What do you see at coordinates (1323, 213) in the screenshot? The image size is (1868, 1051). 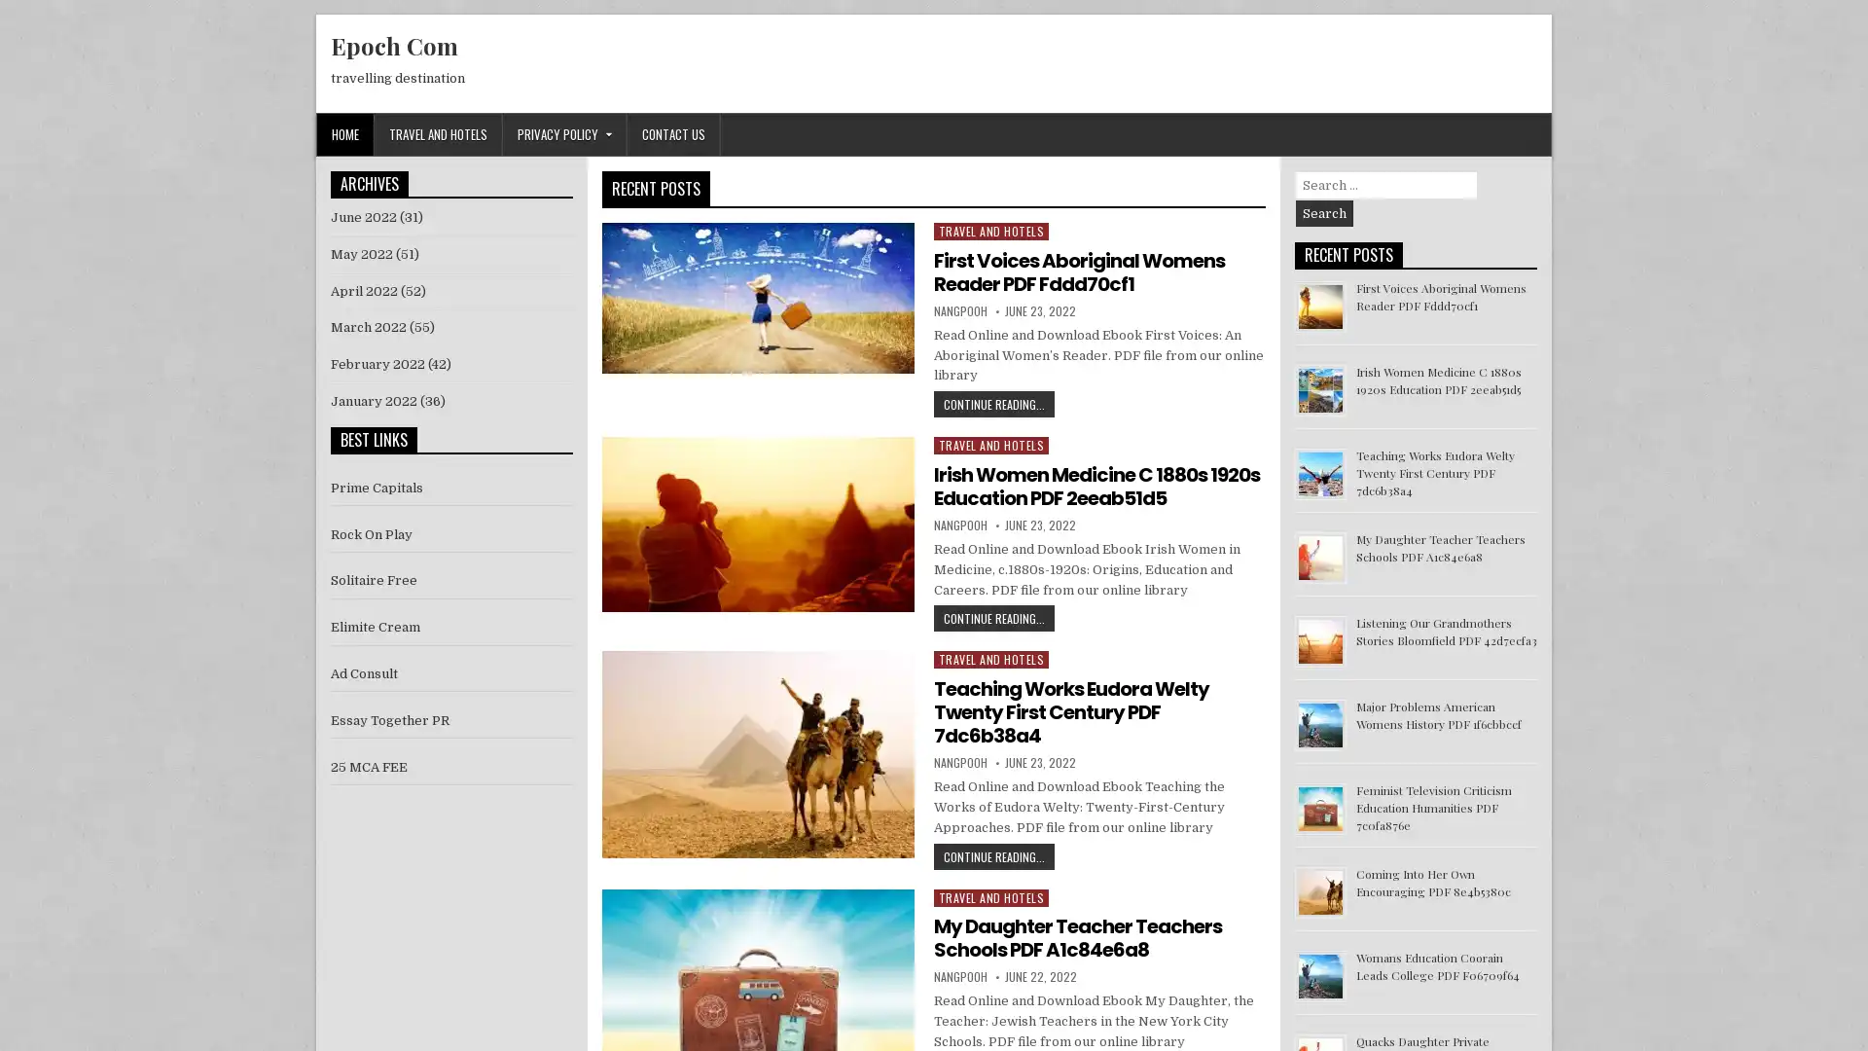 I see `Search` at bounding box center [1323, 213].